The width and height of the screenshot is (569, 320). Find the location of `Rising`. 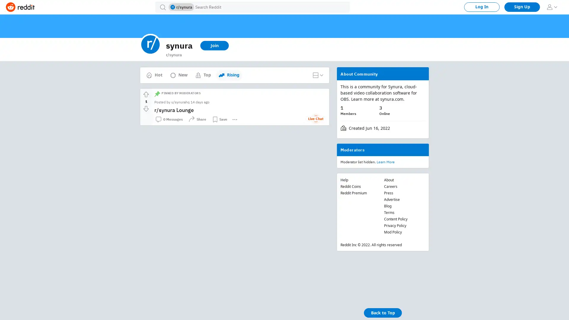

Rising is located at coordinates (228, 75).